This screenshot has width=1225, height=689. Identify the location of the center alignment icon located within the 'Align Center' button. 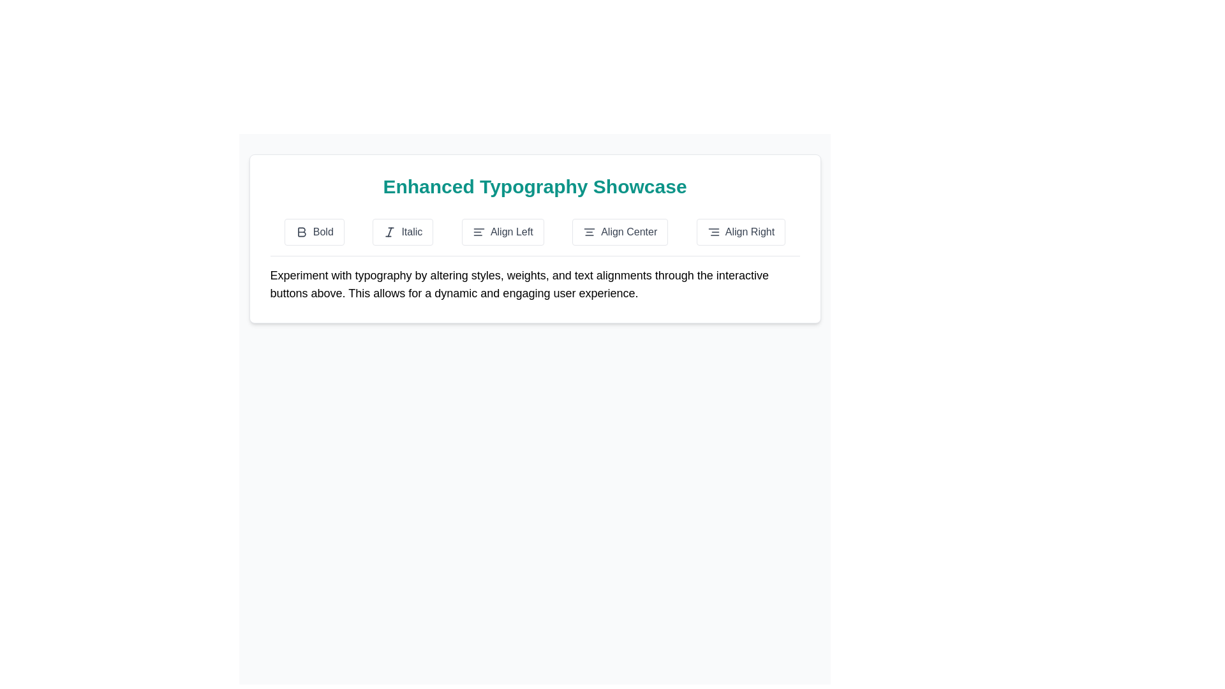
(589, 232).